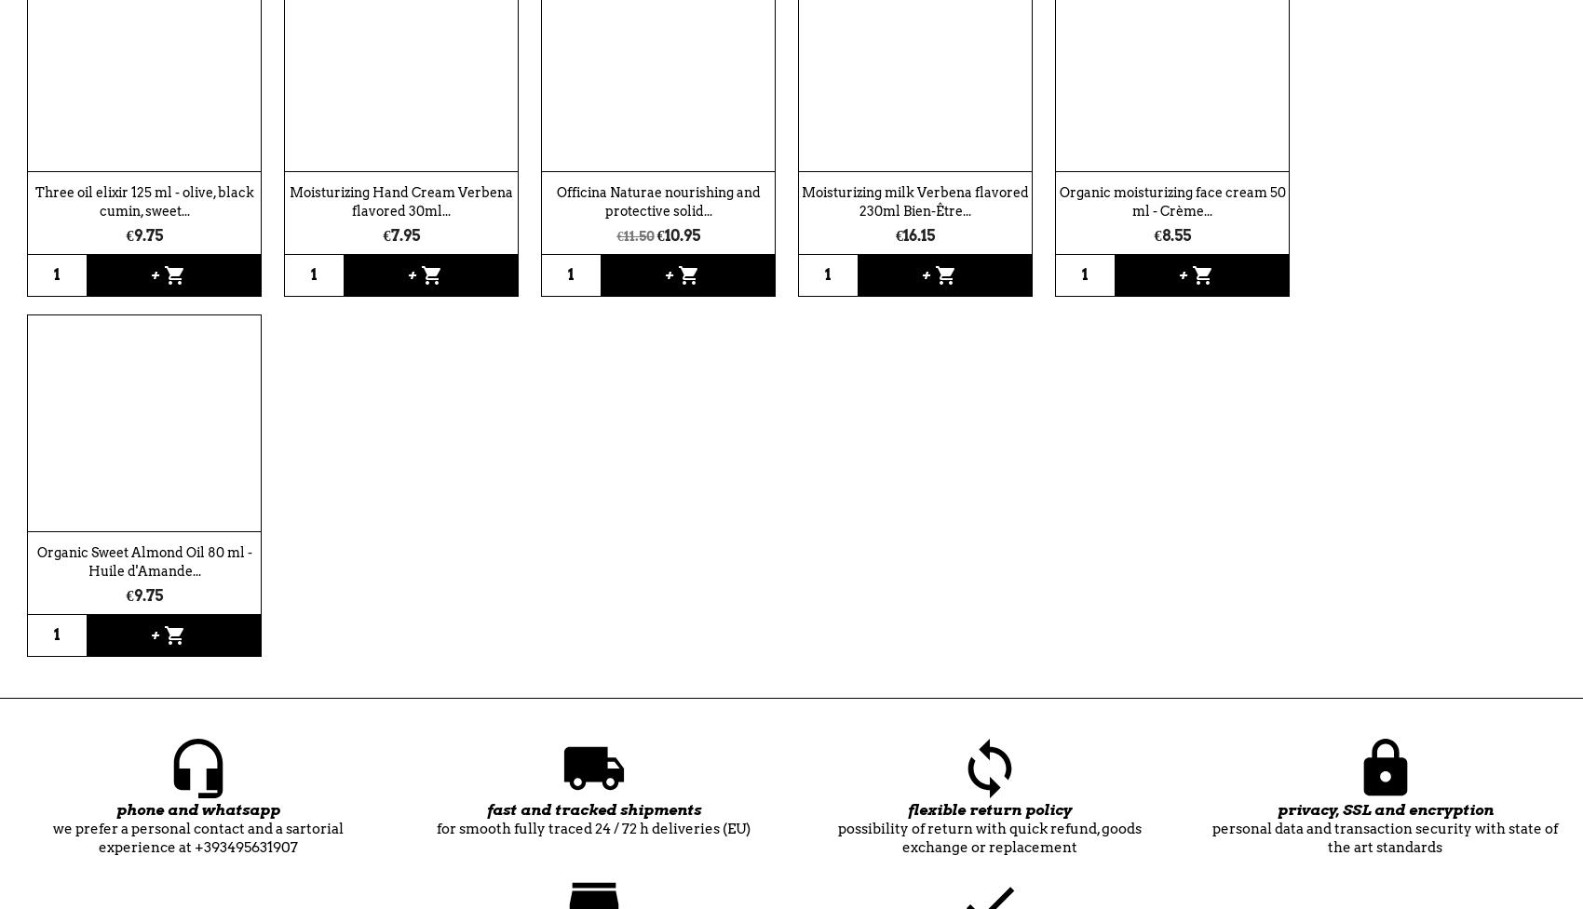 This screenshot has width=1583, height=909. Describe the element at coordinates (196, 836) in the screenshot. I see `'we prefer a personal contact and a sartorial experience at +393495631907'` at that location.